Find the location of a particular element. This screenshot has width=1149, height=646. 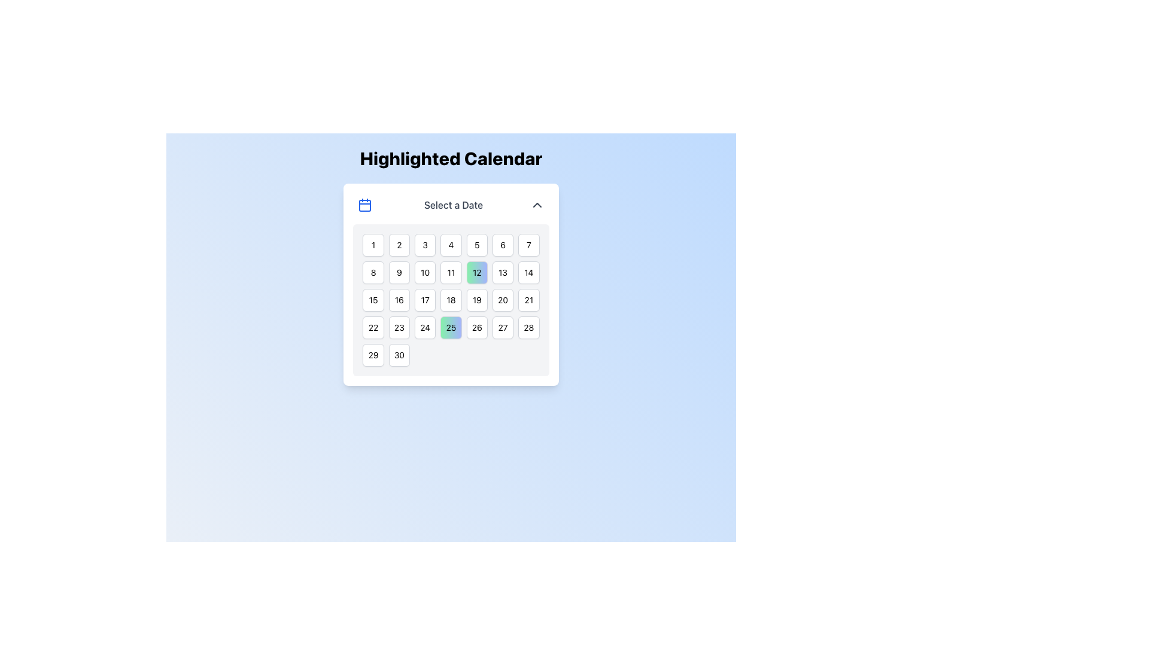

the button representing the date 15 is located at coordinates (373, 299).